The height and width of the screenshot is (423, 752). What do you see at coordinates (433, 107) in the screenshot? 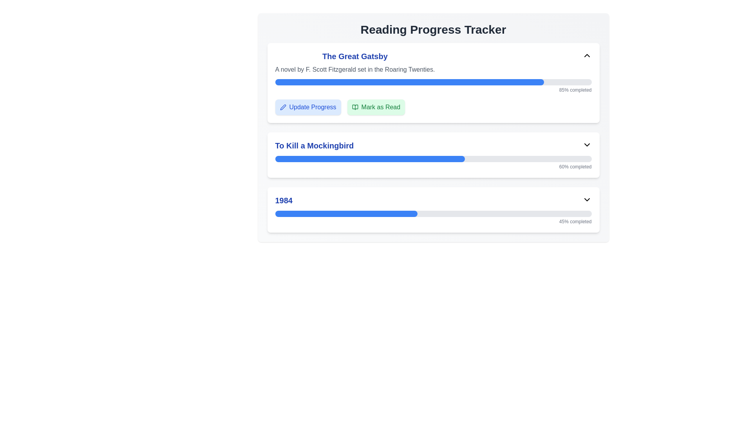
I see `the Button Group composed of two buttons labeled 'Update Progress' and 'Mark as Read' located below the progress bar for the book 'The Great Gatsby'` at bounding box center [433, 107].